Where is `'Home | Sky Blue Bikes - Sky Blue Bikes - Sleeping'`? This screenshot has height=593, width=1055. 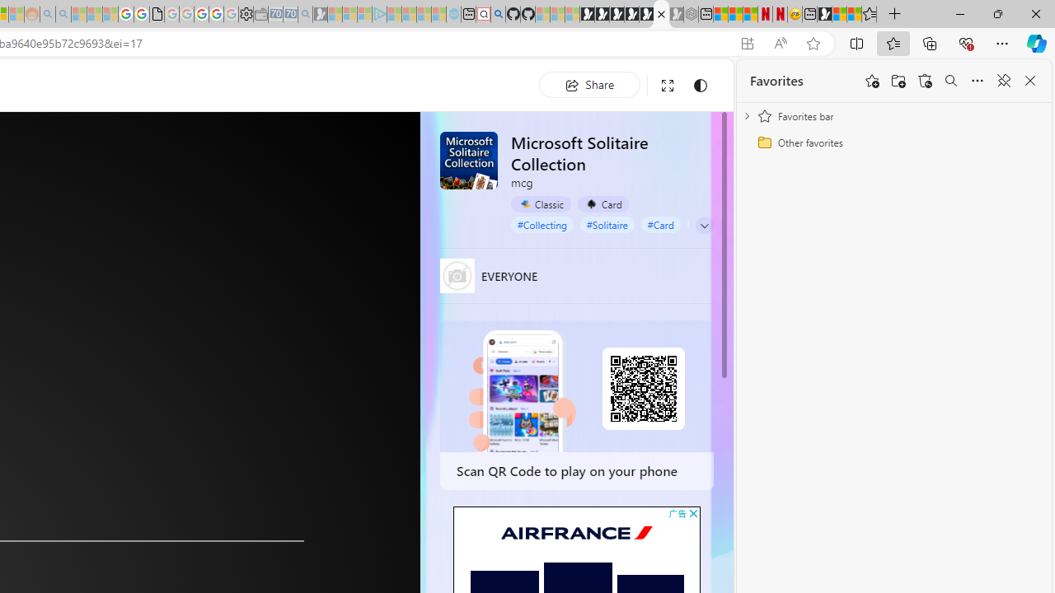 'Home | Sky Blue Bikes - Sky Blue Bikes - Sleeping' is located at coordinates (453, 14).